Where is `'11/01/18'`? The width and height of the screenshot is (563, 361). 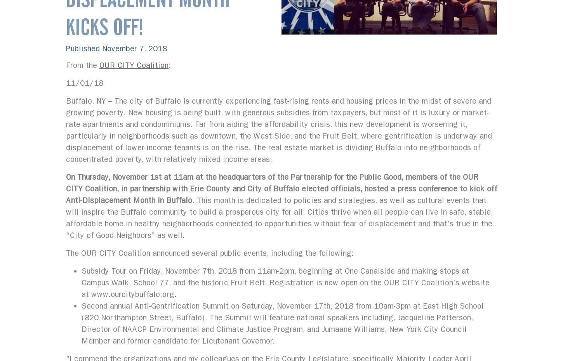 '11/01/18' is located at coordinates (84, 83).